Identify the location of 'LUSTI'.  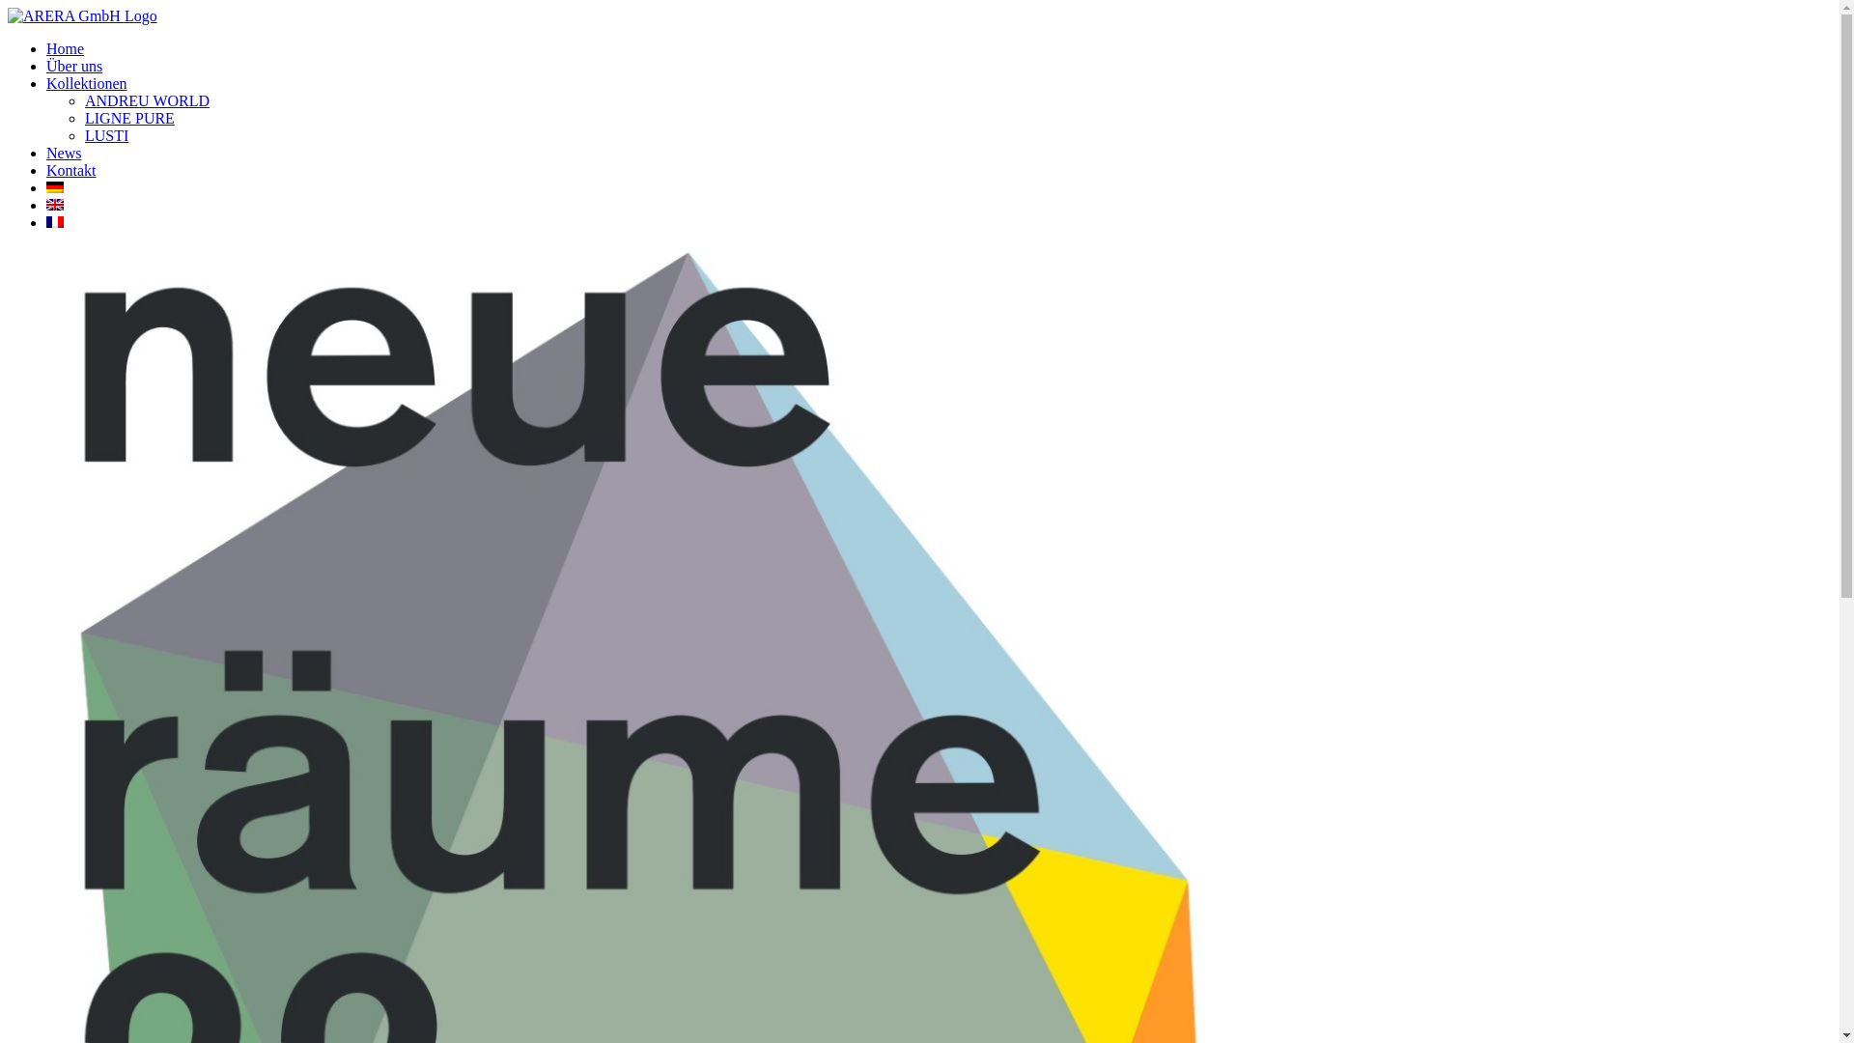
(83, 134).